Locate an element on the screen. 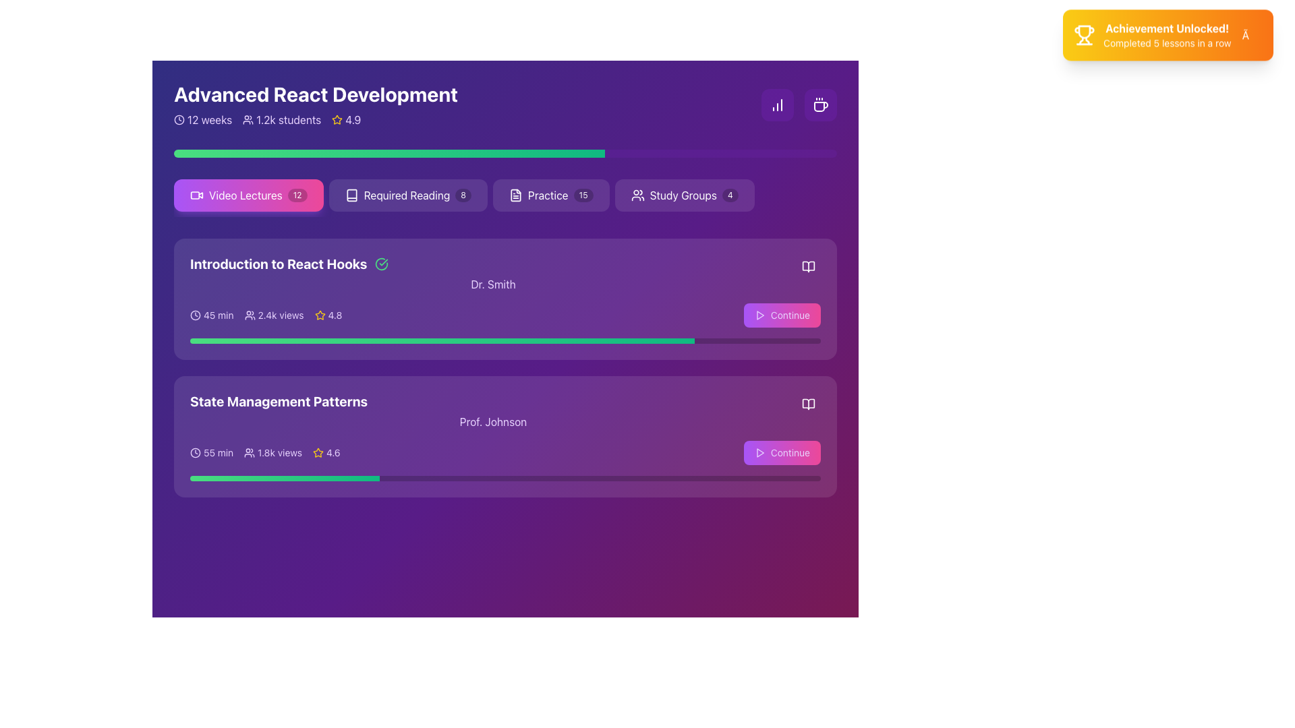  the Notification card displaying 'Achievement Unlocked!' with a trophy icon and a dismiss button in the top-right corner of the interface is located at coordinates (1168, 40).